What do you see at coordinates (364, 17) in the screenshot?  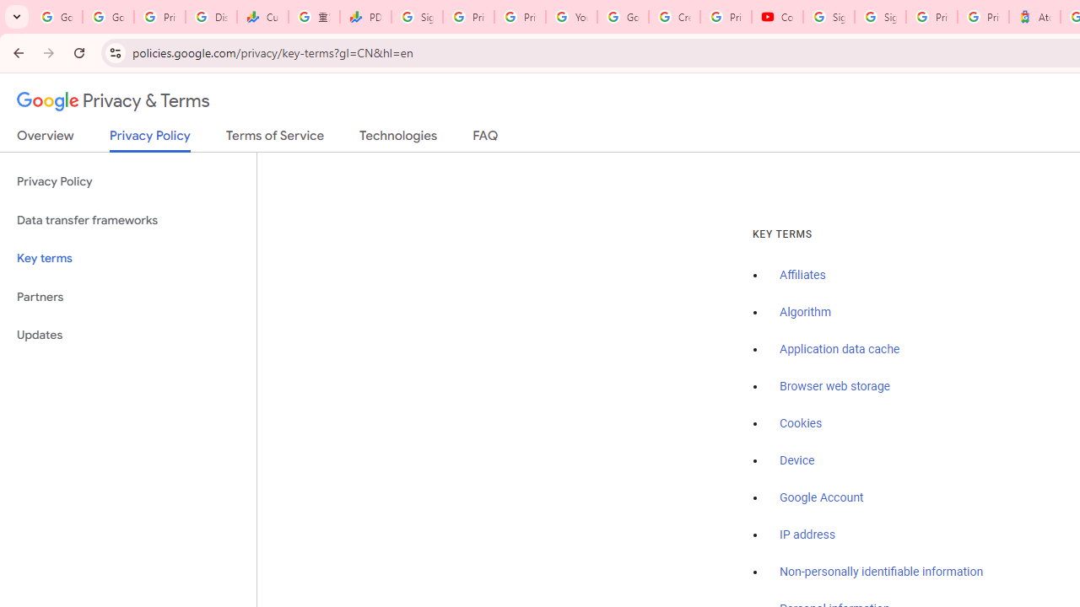 I see `'PDD Holdings Inc - ADR (PDD) Price & News - Google Finance'` at bounding box center [364, 17].